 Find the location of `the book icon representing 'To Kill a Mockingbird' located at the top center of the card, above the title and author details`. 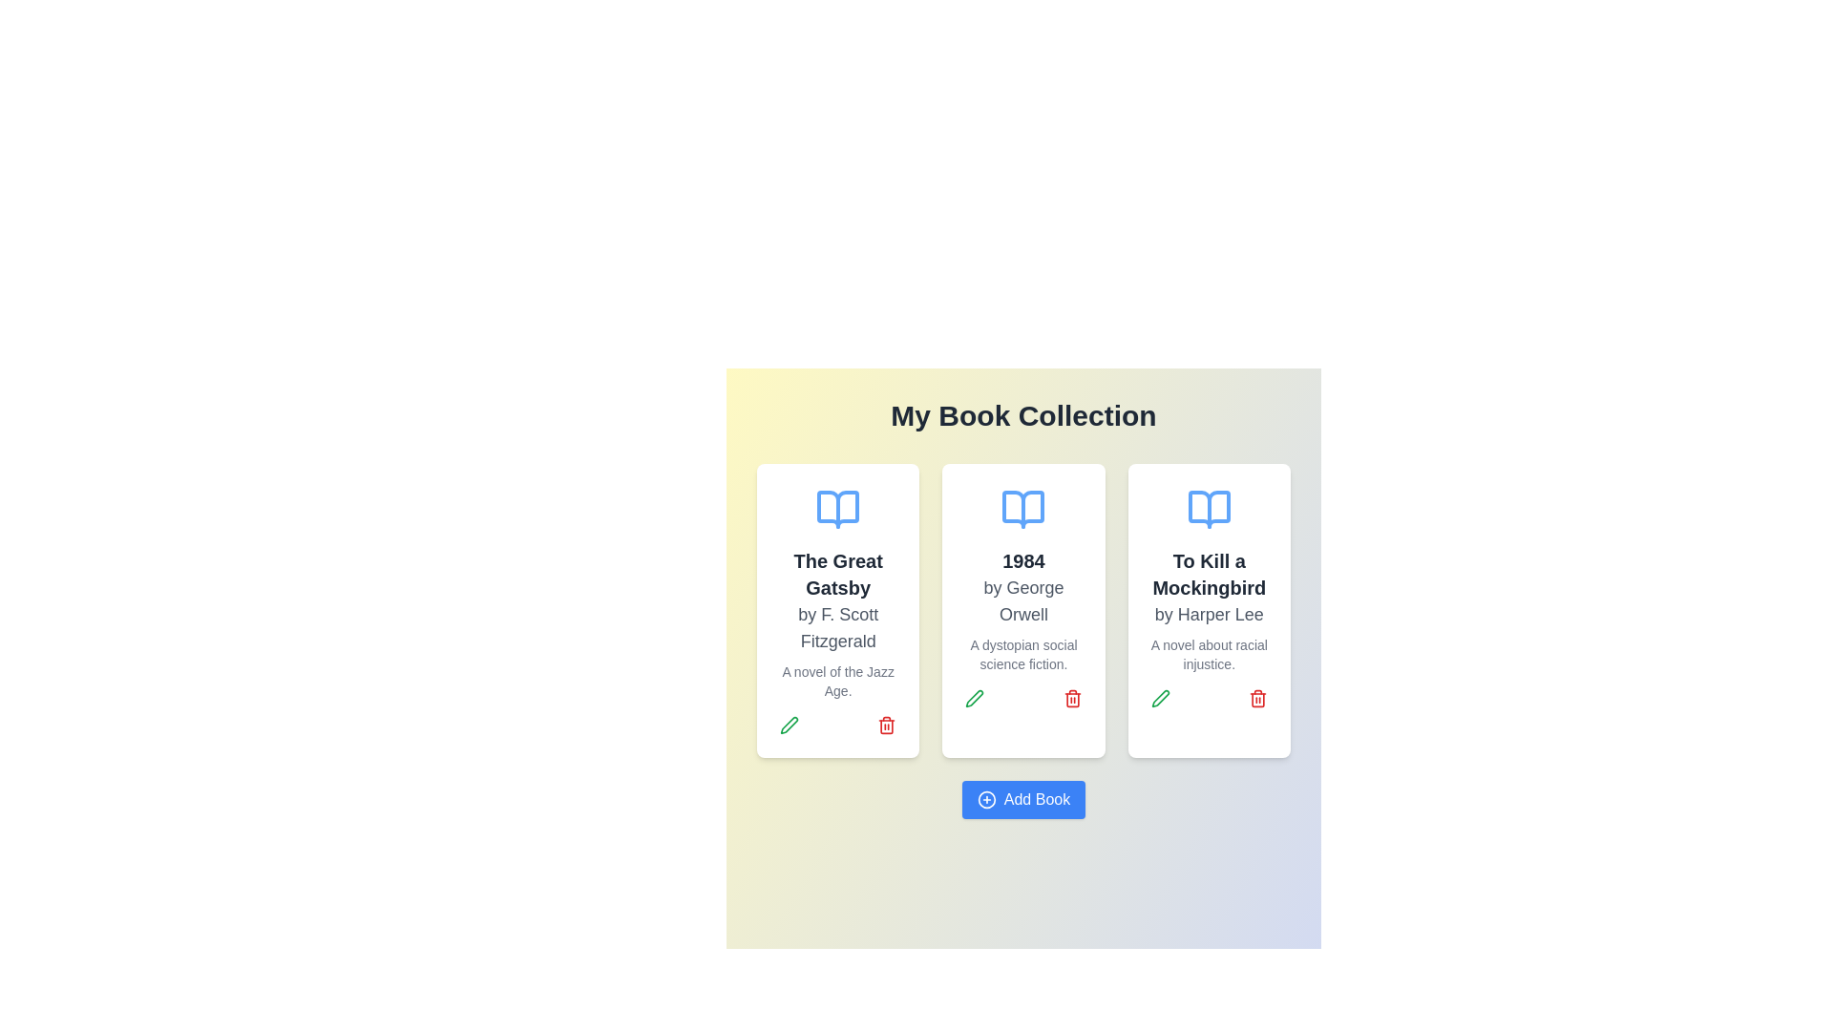

the book icon representing 'To Kill a Mockingbird' located at the top center of the card, above the title and author details is located at coordinates (1208, 508).